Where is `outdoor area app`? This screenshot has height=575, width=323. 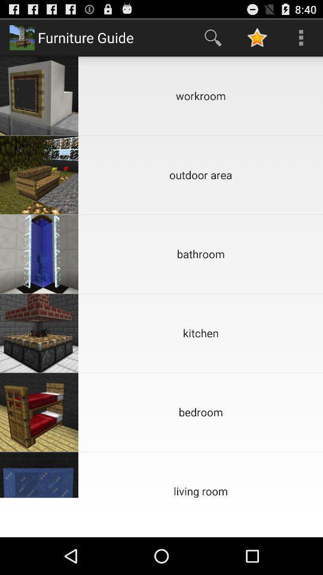
outdoor area app is located at coordinates (200, 174).